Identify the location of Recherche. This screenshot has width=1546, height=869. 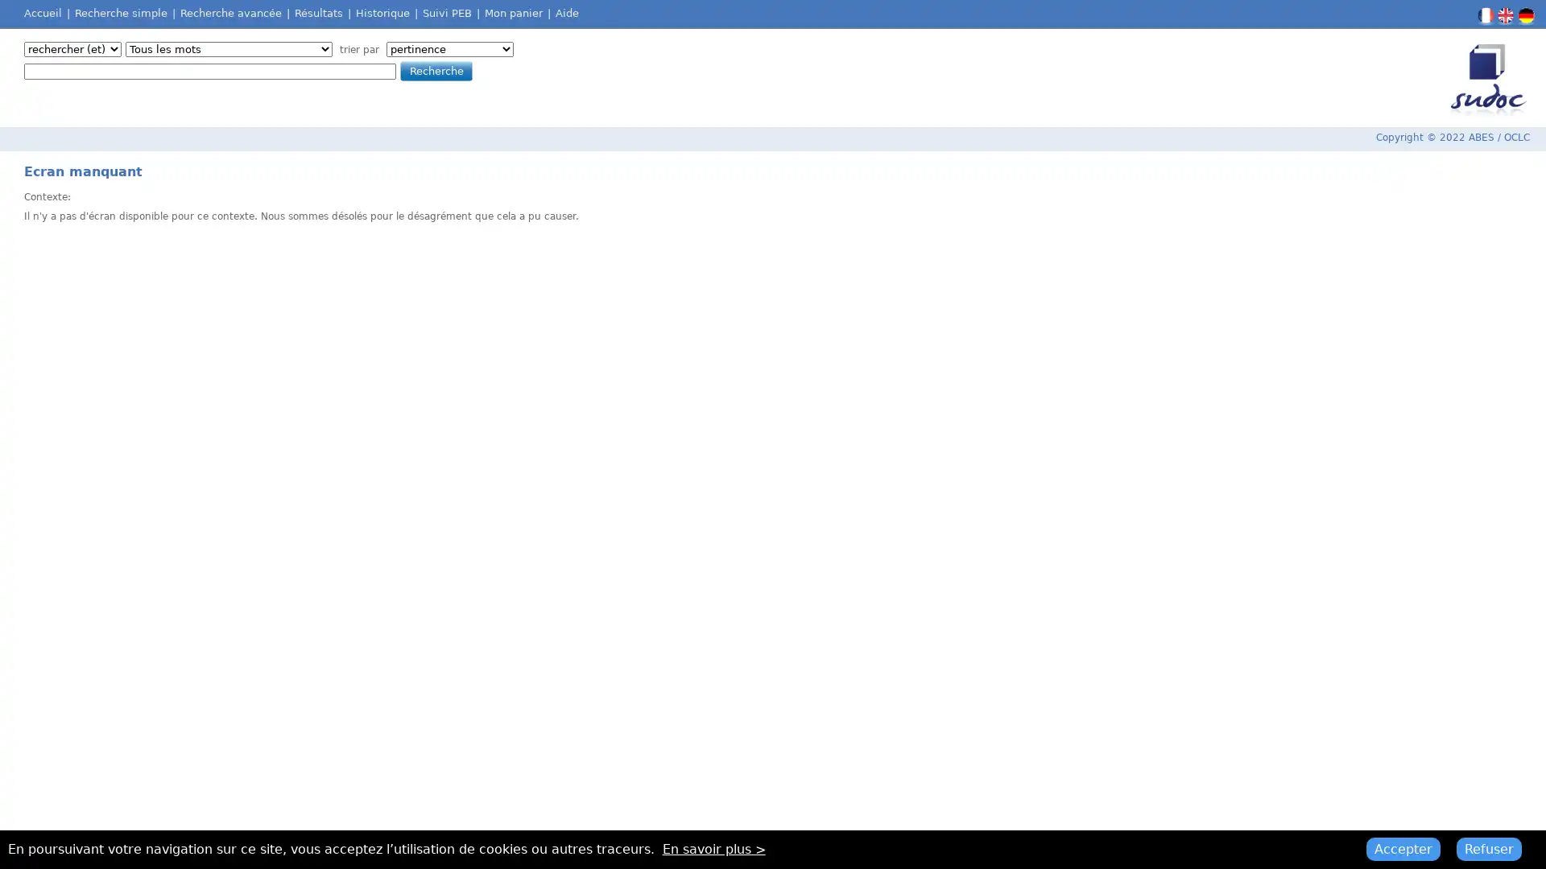
(436, 70).